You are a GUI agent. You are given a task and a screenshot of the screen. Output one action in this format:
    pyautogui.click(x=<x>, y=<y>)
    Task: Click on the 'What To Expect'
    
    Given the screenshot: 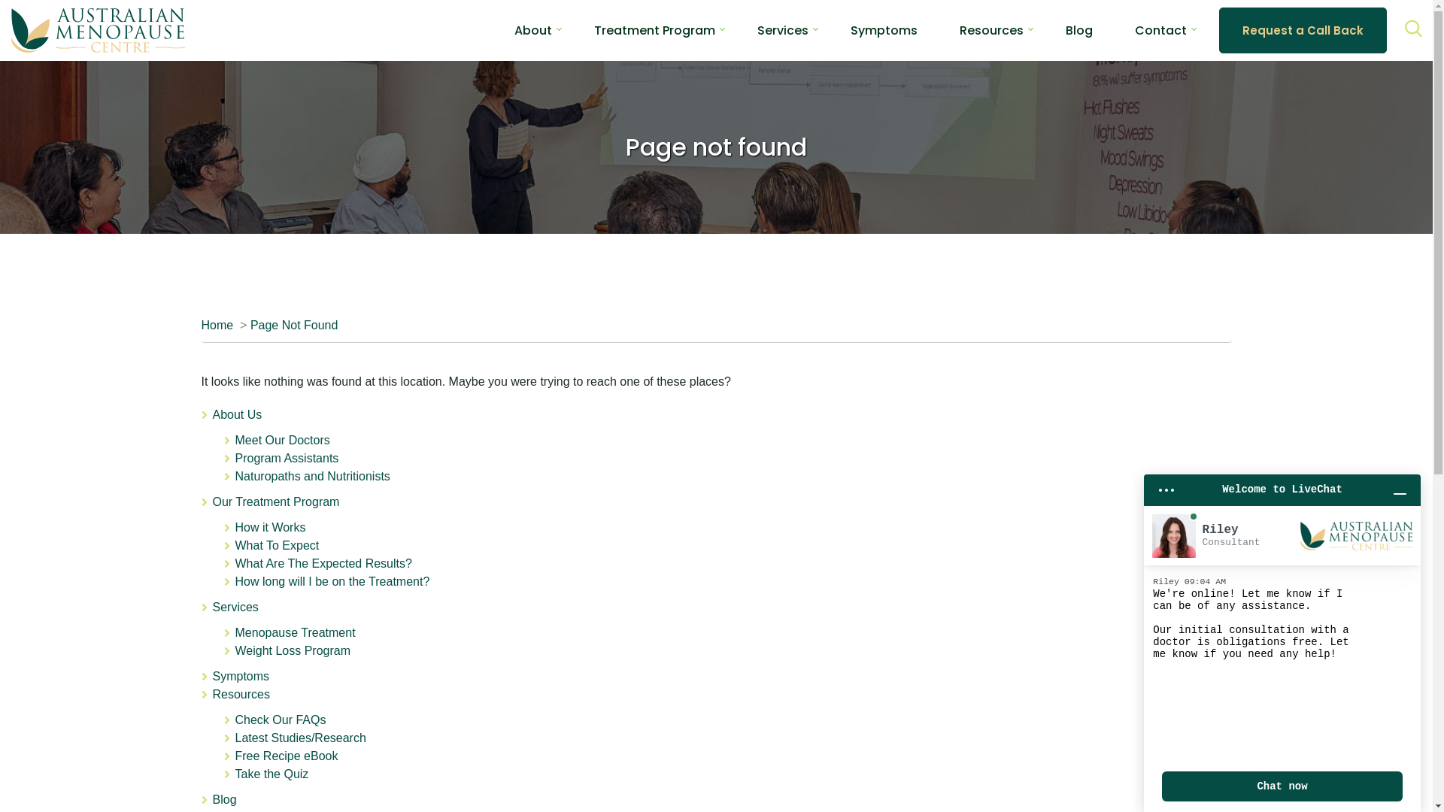 What is the action you would take?
    pyautogui.click(x=277, y=545)
    